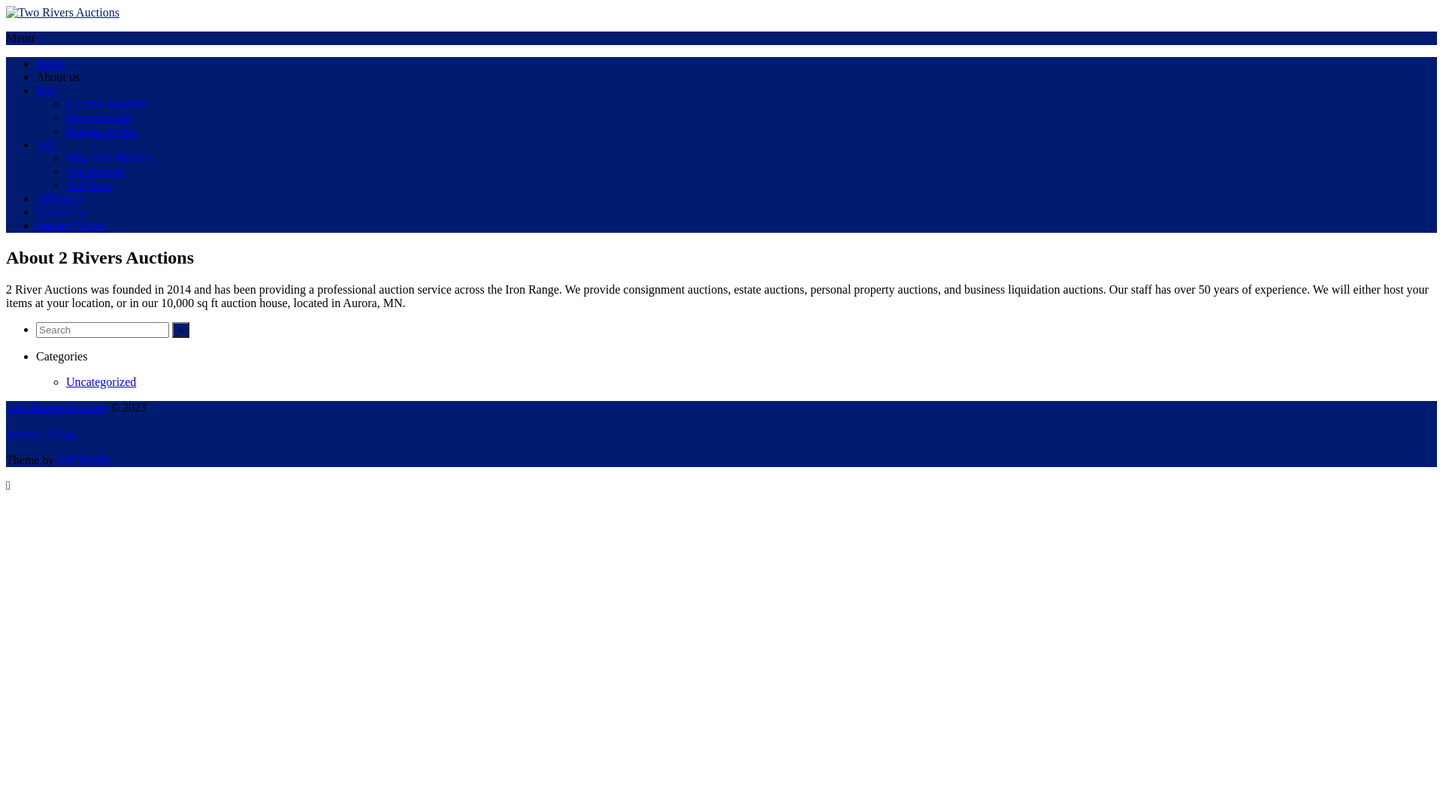 The width and height of the screenshot is (1443, 811). I want to click on 'The Process', so click(94, 170).